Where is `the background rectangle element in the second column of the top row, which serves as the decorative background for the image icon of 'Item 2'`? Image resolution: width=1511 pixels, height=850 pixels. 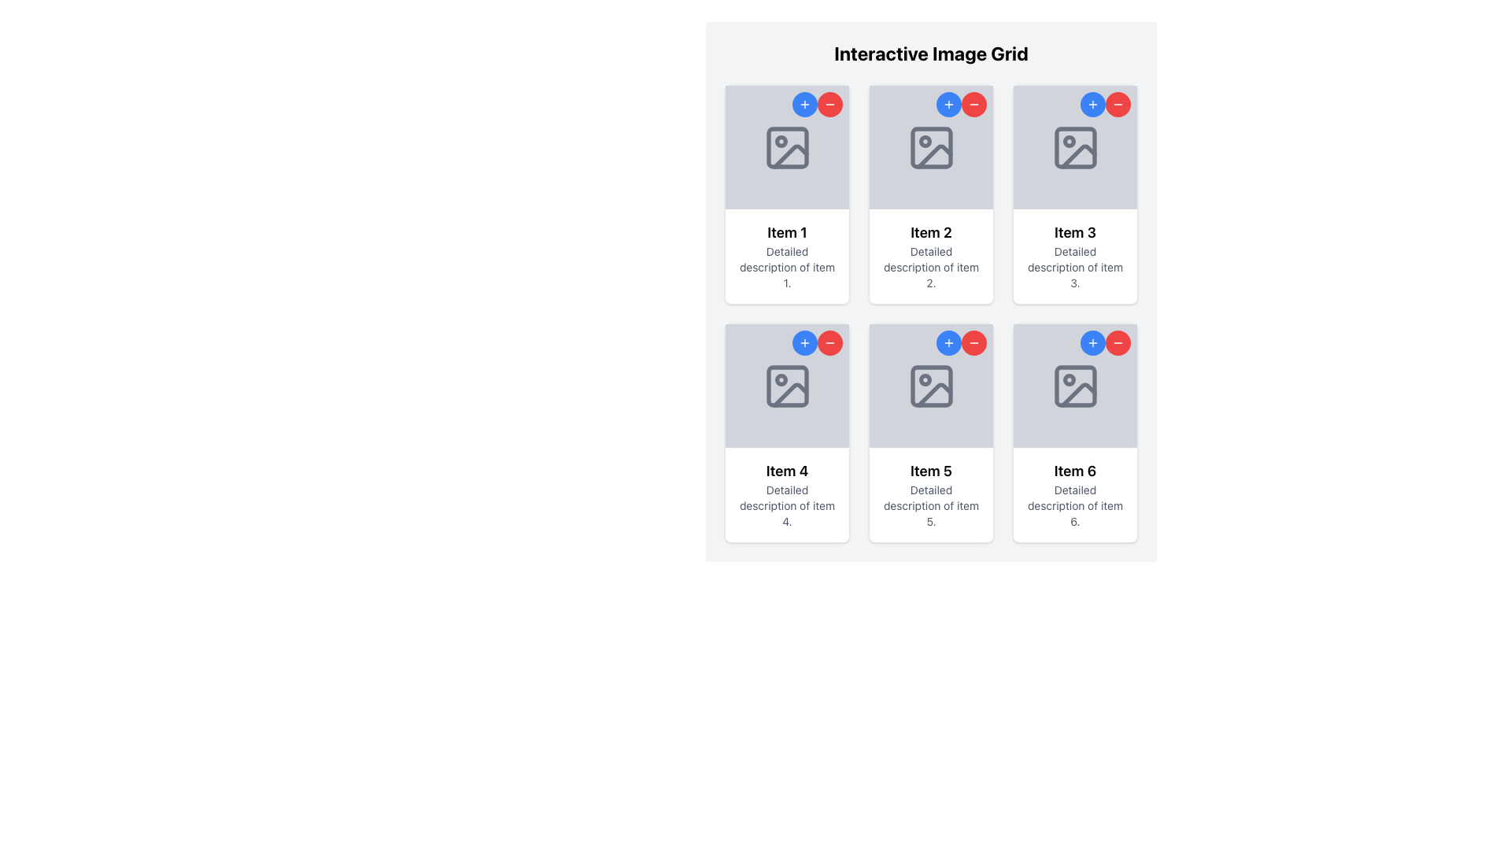
the background rectangle element in the second column of the top row, which serves as the decorative background for the image icon of 'Item 2' is located at coordinates (931, 147).